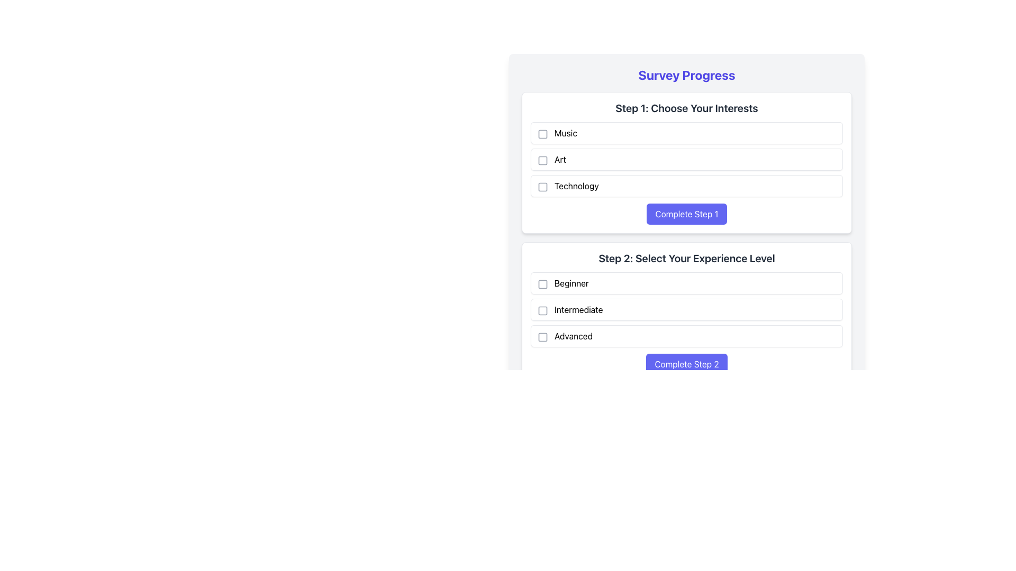  Describe the element at coordinates (543, 160) in the screenshot. I see `the checkbox icon` at that location.